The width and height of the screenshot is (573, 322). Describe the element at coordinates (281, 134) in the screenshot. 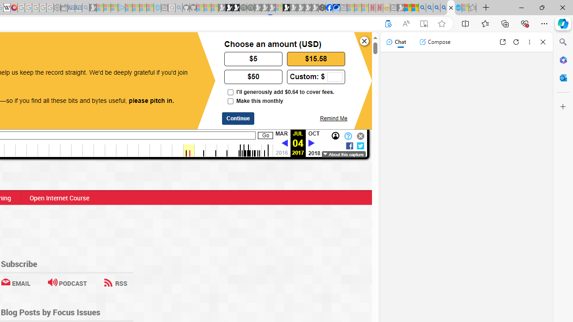

I see `'MAR'` at that location.